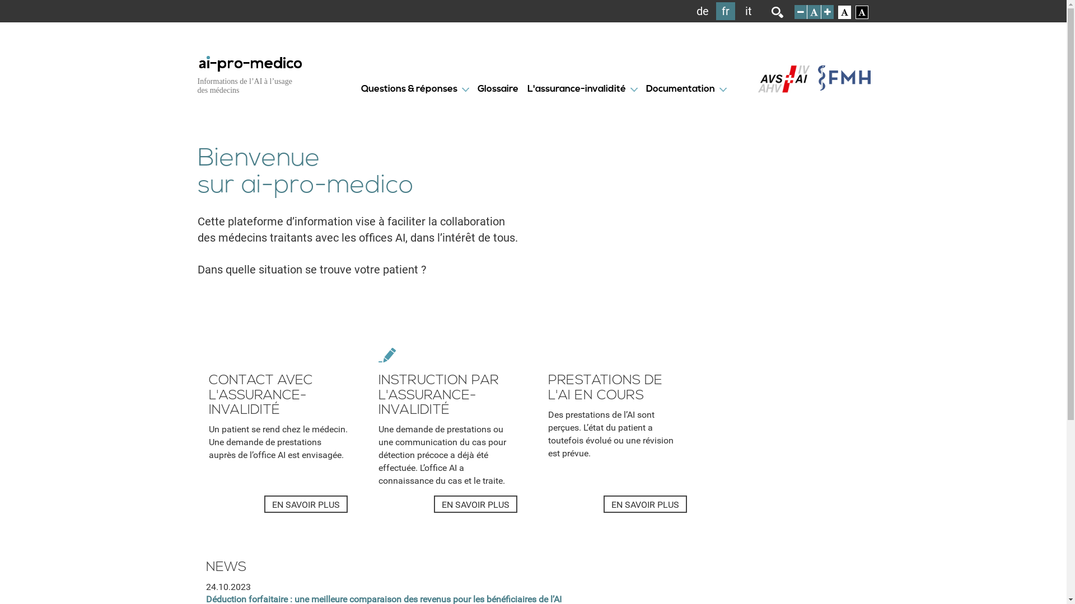 The height and width of the screenshot is (604, 1075). Describe the element at coordinates (726, 11) in the screenshot. I see `'fr'` at that location.